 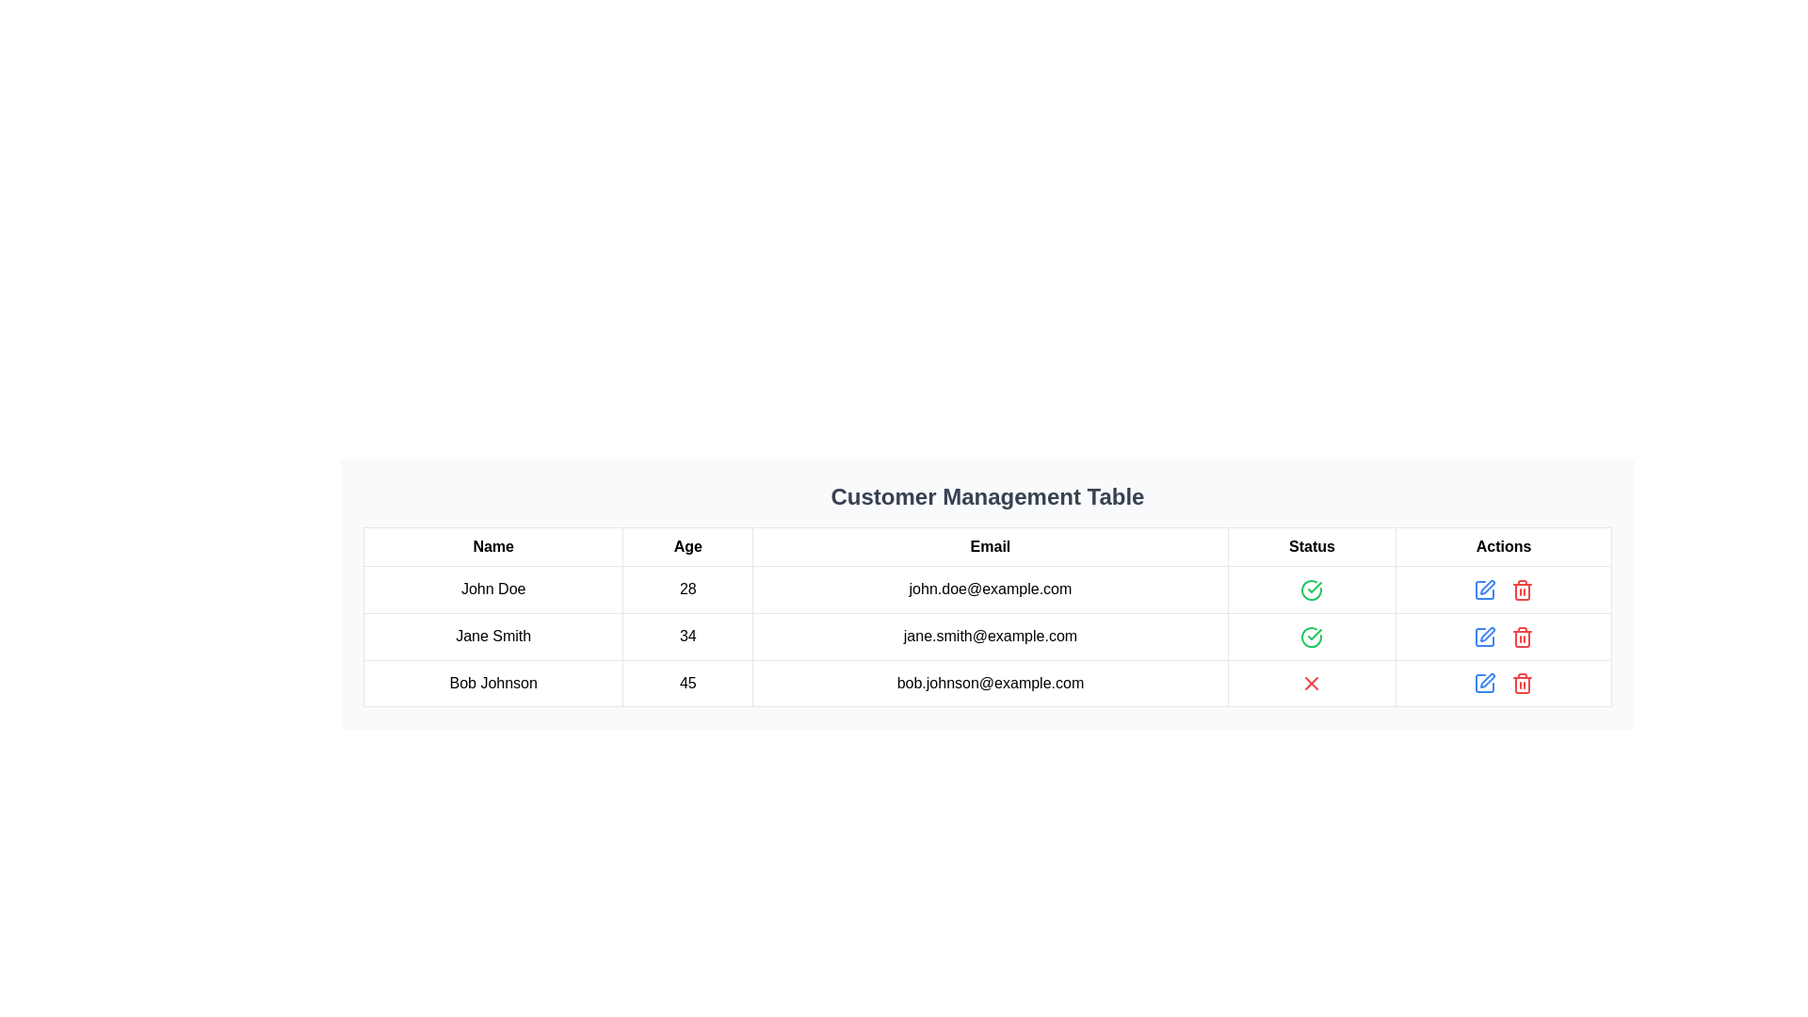 What do you see at coordinates (1484, 683) in the screenshot?
I see `the interactive edit icon button styled as a pen or pencil located in the 'Actions' column of the last row of the table` at bounding box center [1484, 683].